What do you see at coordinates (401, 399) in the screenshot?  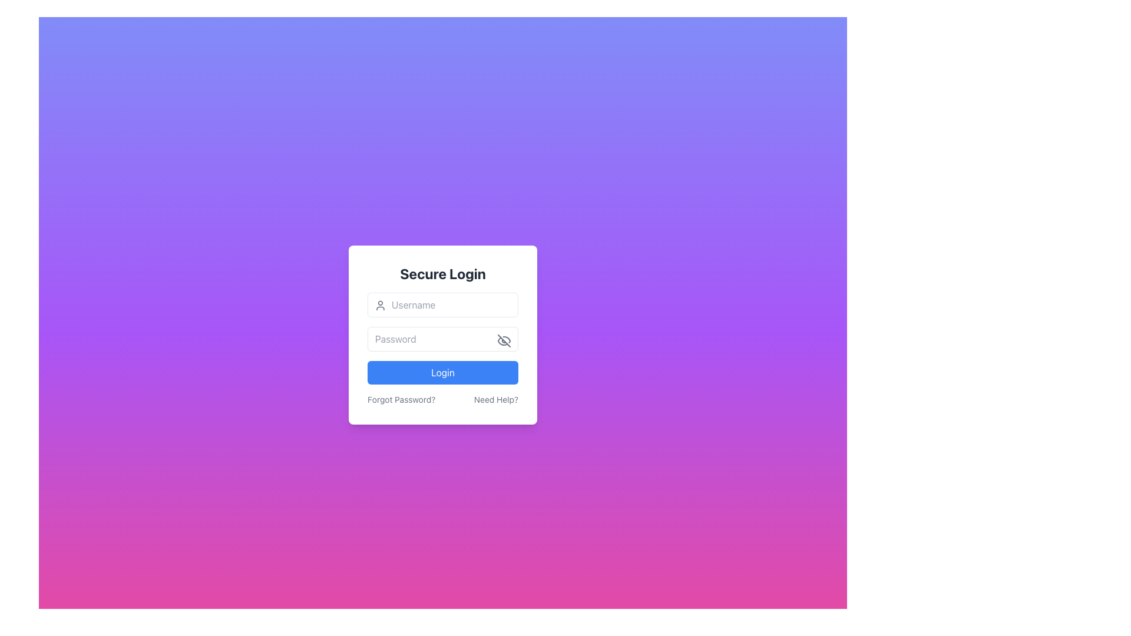 I see `the hyperlink located in the bottom left corner beneath the 'Login' button` at bounding box center [401, 399].